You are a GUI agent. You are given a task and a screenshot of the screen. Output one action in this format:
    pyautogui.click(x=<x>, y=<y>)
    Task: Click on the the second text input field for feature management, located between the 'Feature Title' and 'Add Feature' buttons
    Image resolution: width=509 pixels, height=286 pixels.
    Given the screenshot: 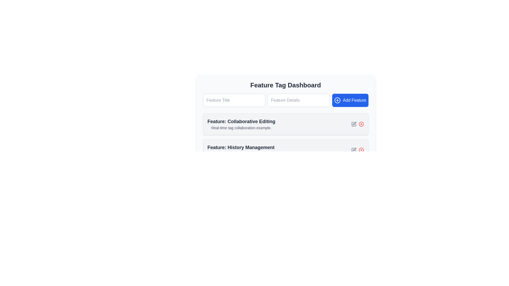 What is the action you would take?
    pyautogui.click(x=299, y=100)
    